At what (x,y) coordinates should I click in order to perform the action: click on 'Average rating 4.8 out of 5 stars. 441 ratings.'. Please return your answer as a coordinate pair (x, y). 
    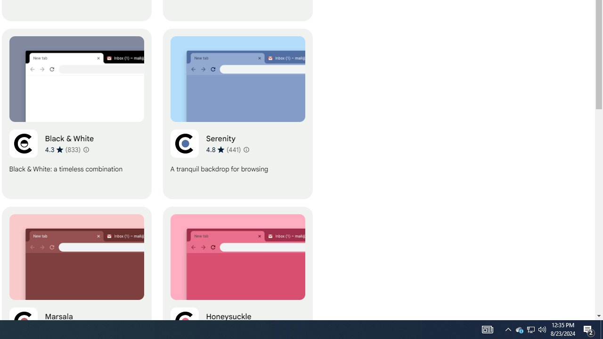
    Looking at the image, I should click on (223, 149).